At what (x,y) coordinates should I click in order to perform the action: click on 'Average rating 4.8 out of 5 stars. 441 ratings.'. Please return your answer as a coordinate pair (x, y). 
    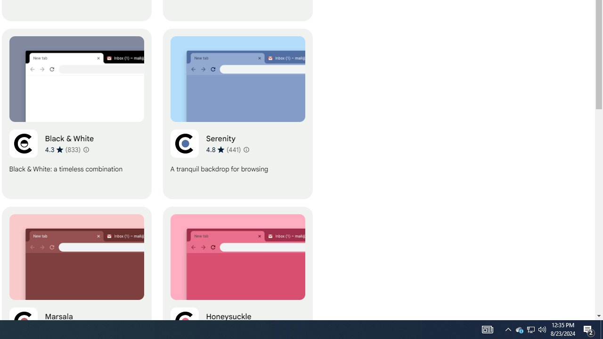
    Looking at the image, I should click on (223, 149).